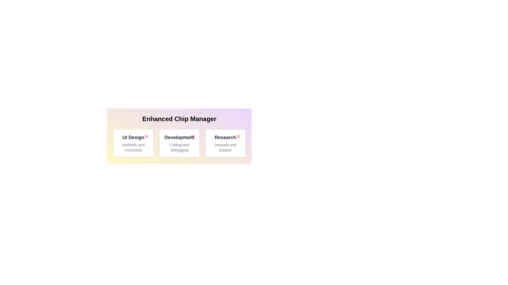  I want to click on close button of the chip labeled UI Design to remove it, so click(146, 136).